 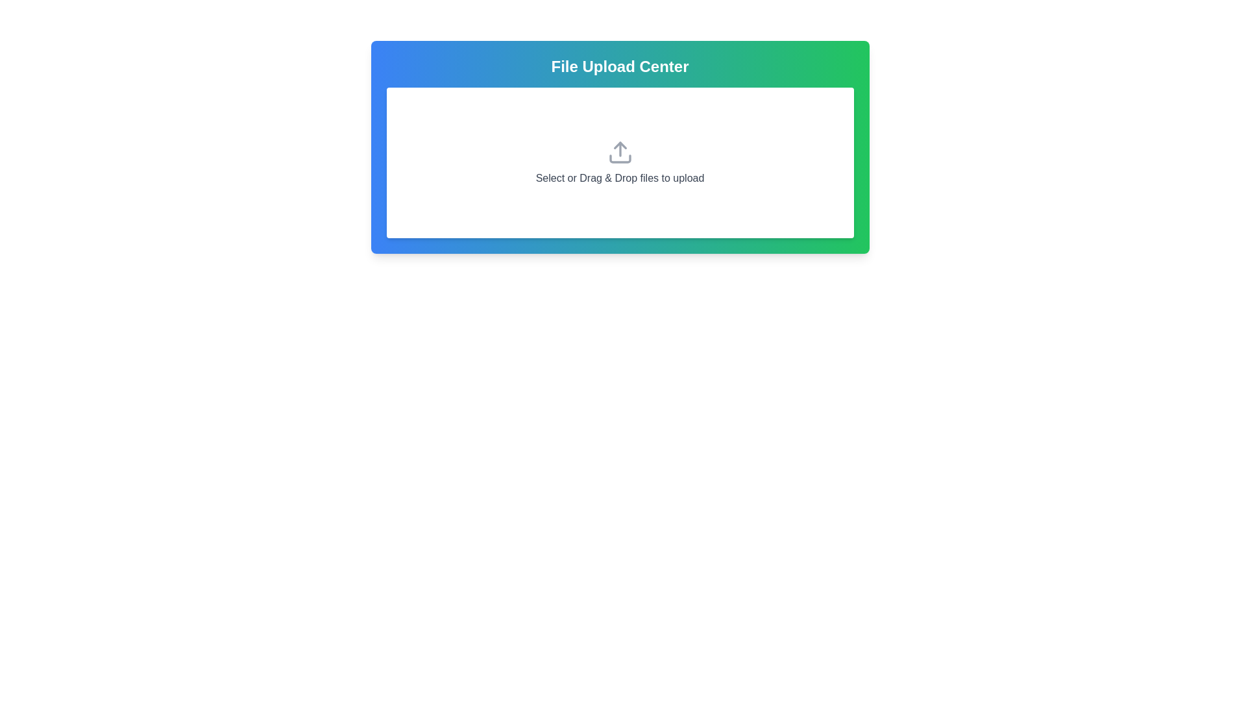 What do you see at coordinates (619, 162) in the screenshot?
I see `the instructional text label that informs users about the file upload functionality, which is centrally located within the upload box` at bounding box center [619, 162].